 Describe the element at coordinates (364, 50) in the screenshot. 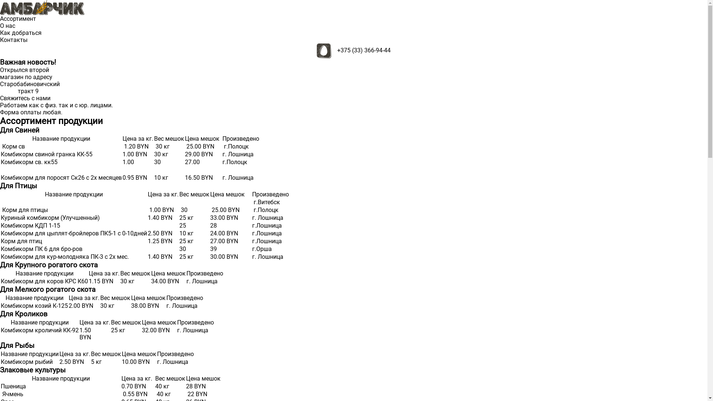

I see `'+375 (33) 366-94-44'` at that location.